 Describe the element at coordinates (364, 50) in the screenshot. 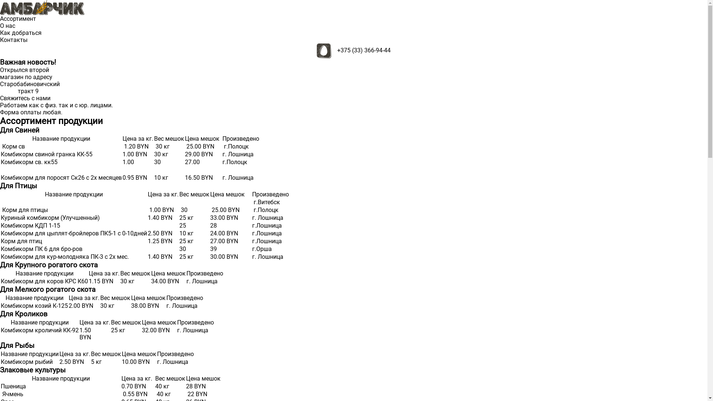

I see `'+375 (33) 366-94-44'` at that location.